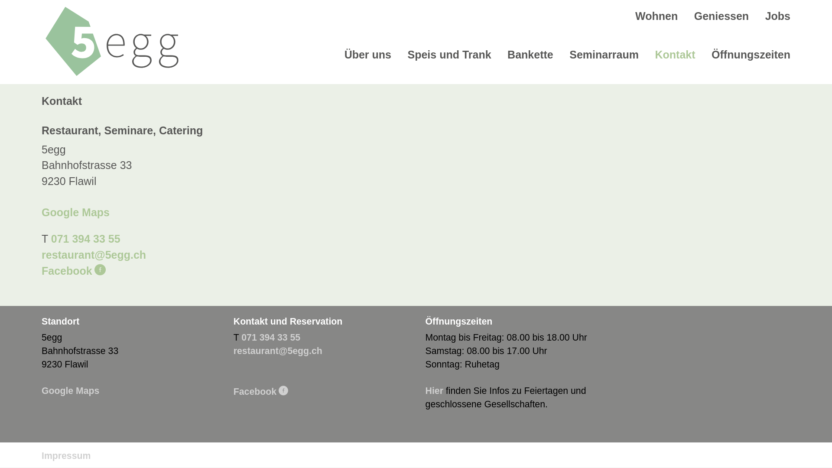 The image size is (832, 468). I want to click on 'Geniessen', so click(721, 16).